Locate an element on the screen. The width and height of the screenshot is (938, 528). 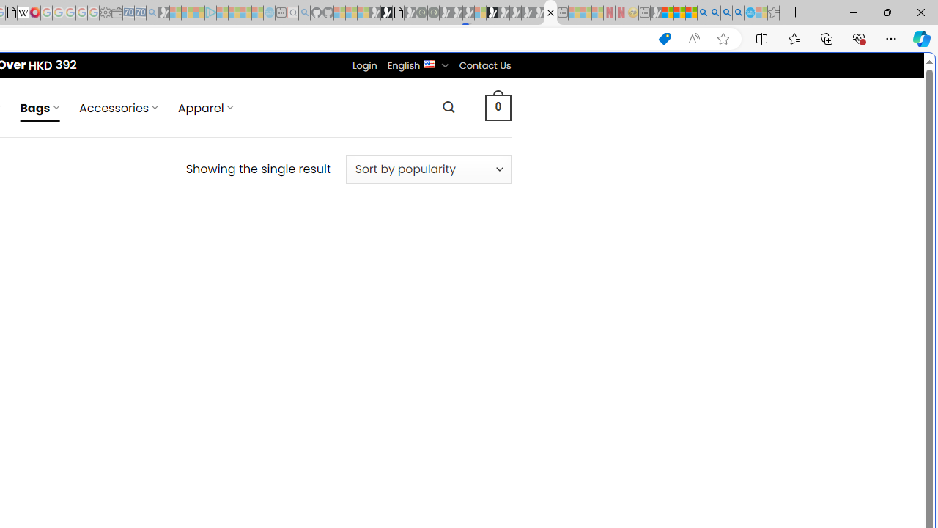
'Shop order' is located at coordinates (427, 169).